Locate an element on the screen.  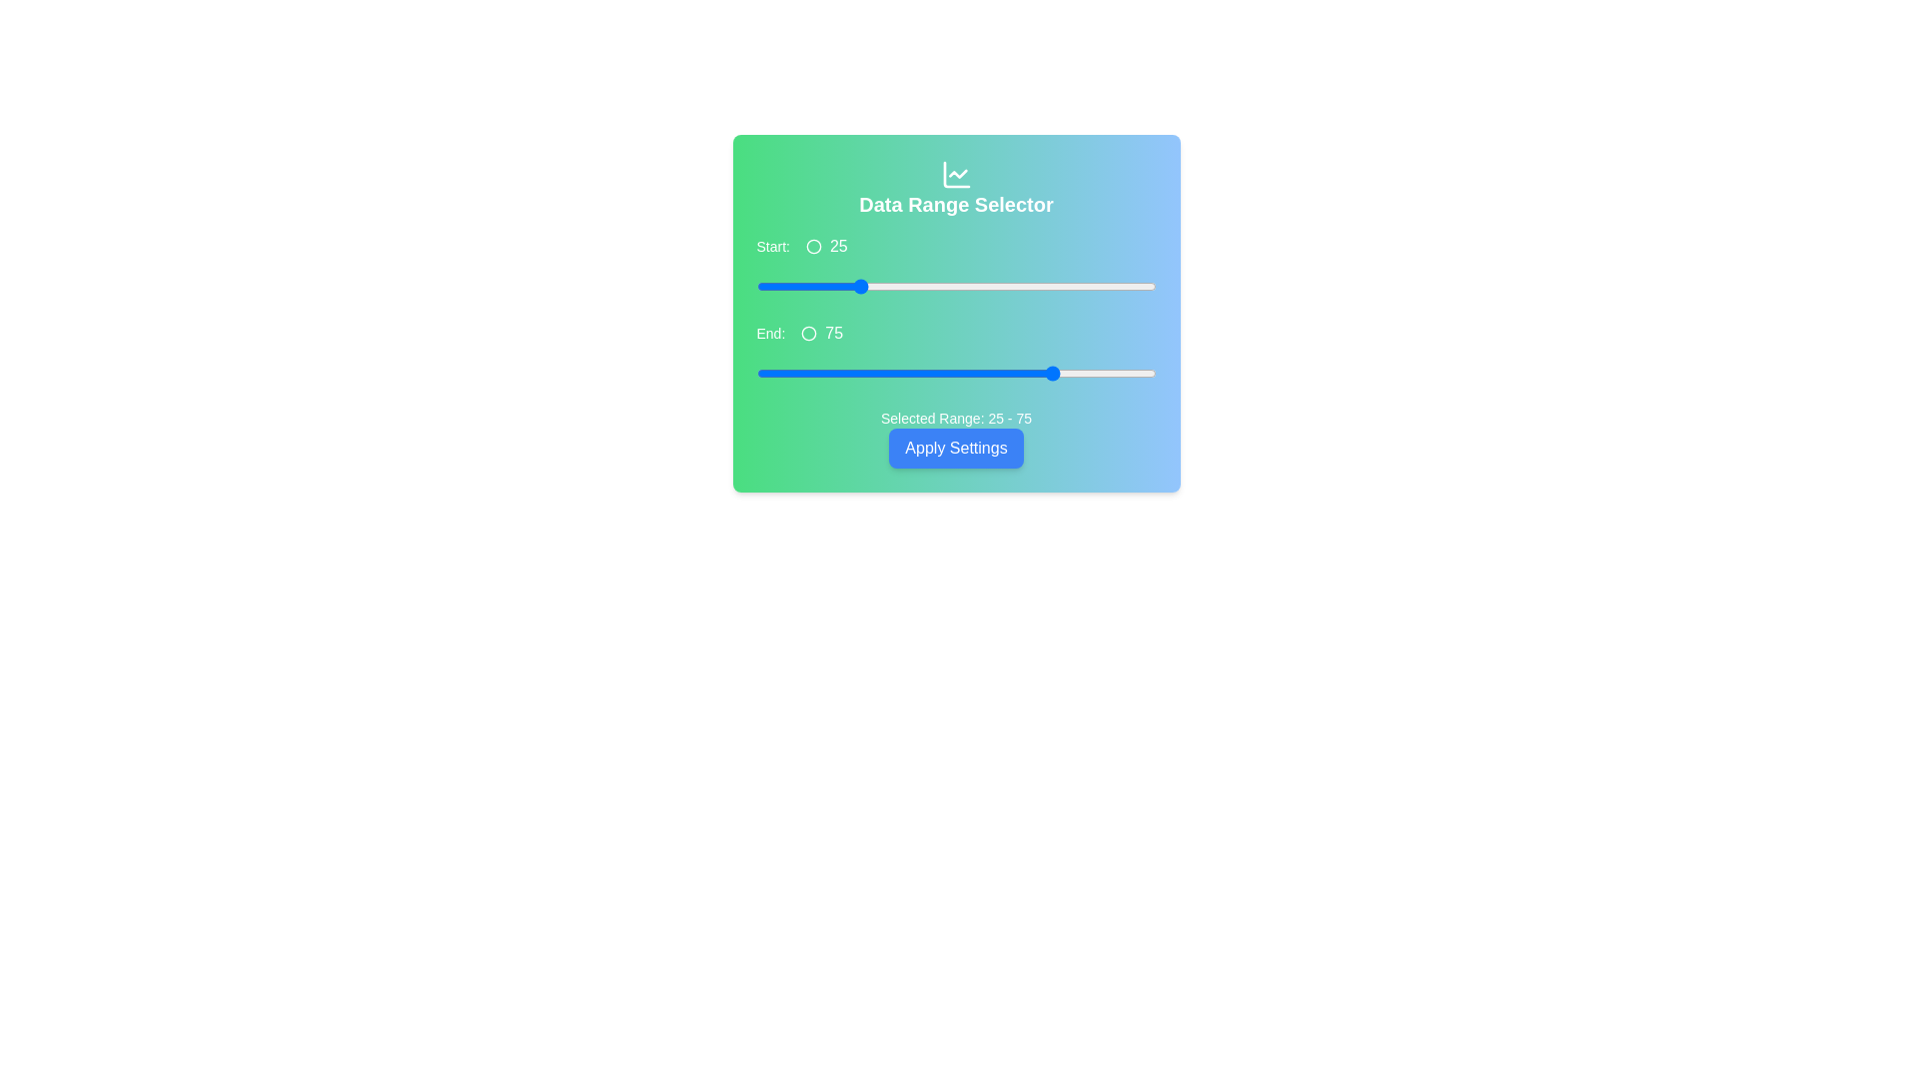
the inner circle of the SVG graphic element that serves as an indicator within the interactive component, positioned near the left side of the interface is located at coordinates (814, 245).